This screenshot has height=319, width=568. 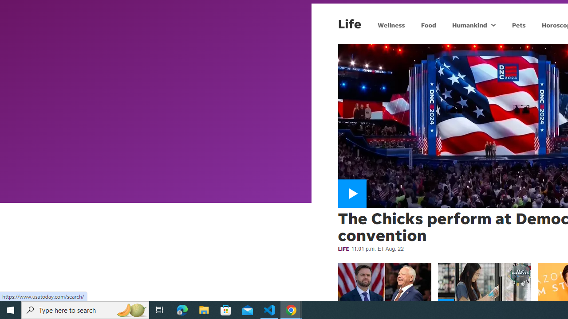 I want to click on 'Wellness', so click(x=390, y=24).